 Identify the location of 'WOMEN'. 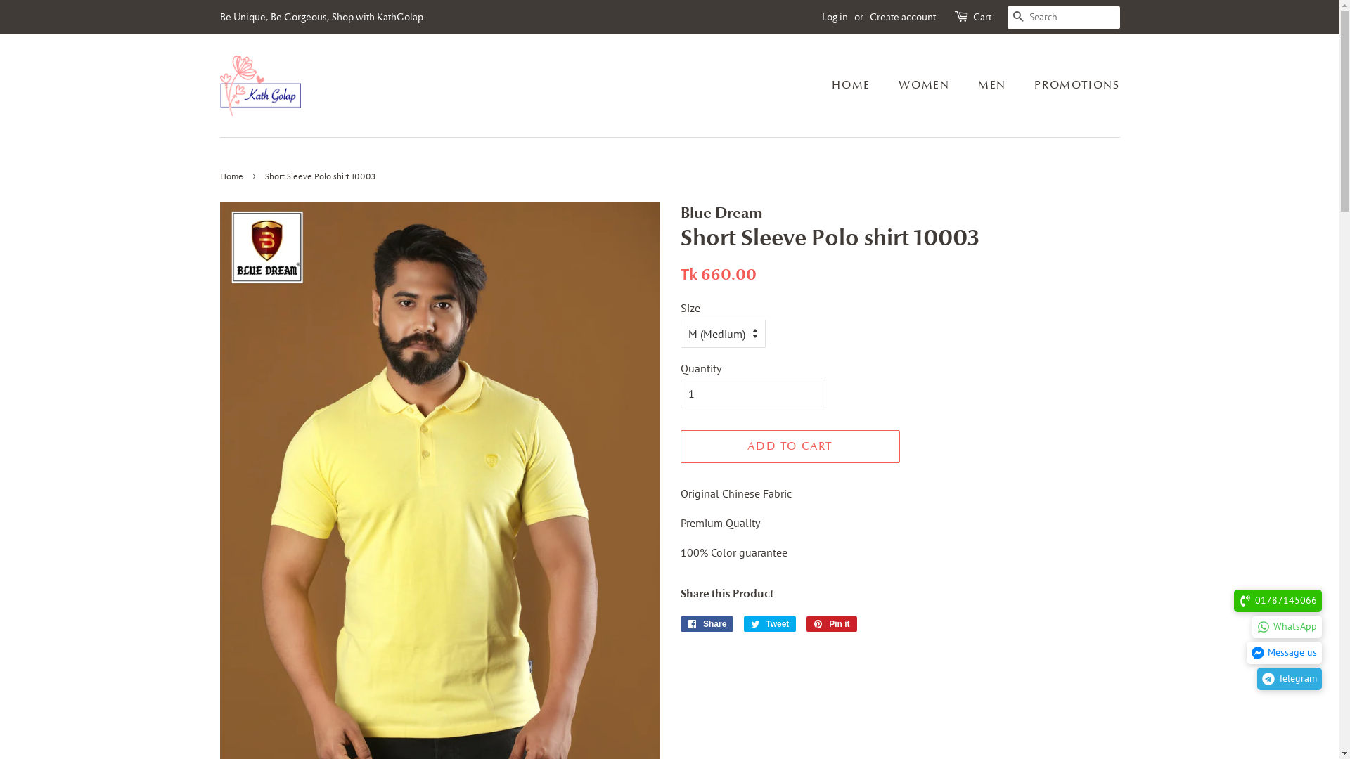
(925, 85).